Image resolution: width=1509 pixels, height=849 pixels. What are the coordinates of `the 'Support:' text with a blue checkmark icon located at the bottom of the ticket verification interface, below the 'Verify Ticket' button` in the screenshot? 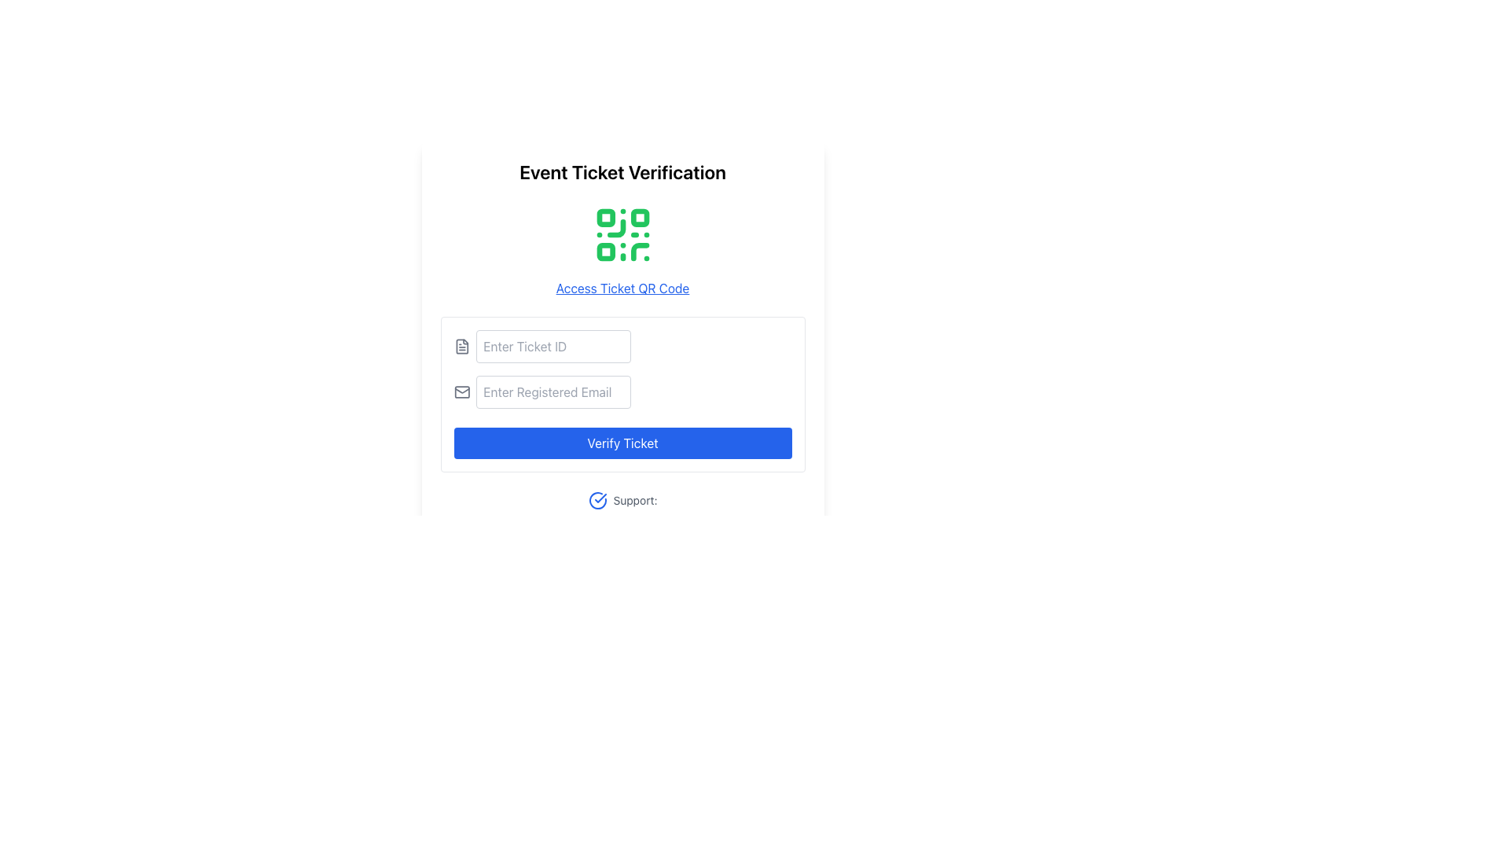 It's located at (622, 500).